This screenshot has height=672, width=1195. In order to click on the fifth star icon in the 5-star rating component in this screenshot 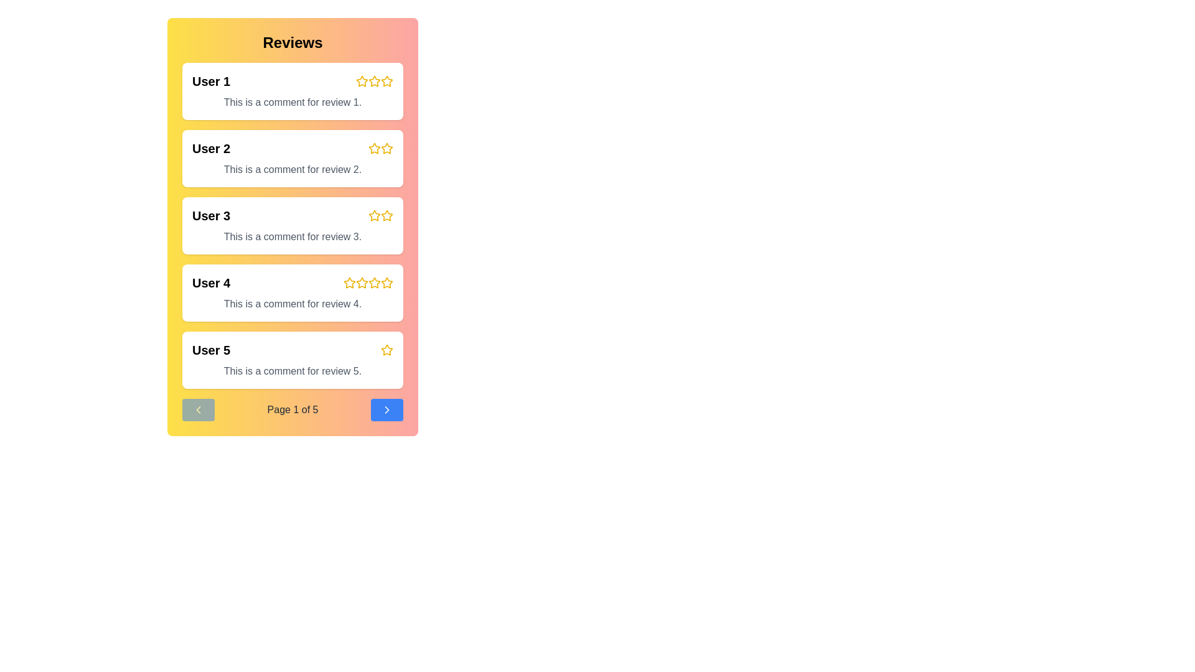, I will do `click(387, 283)`.